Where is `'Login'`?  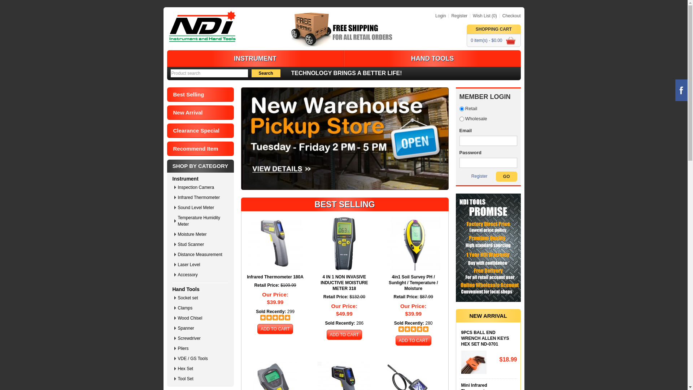
'Login' is located at coordinates (440, 16).